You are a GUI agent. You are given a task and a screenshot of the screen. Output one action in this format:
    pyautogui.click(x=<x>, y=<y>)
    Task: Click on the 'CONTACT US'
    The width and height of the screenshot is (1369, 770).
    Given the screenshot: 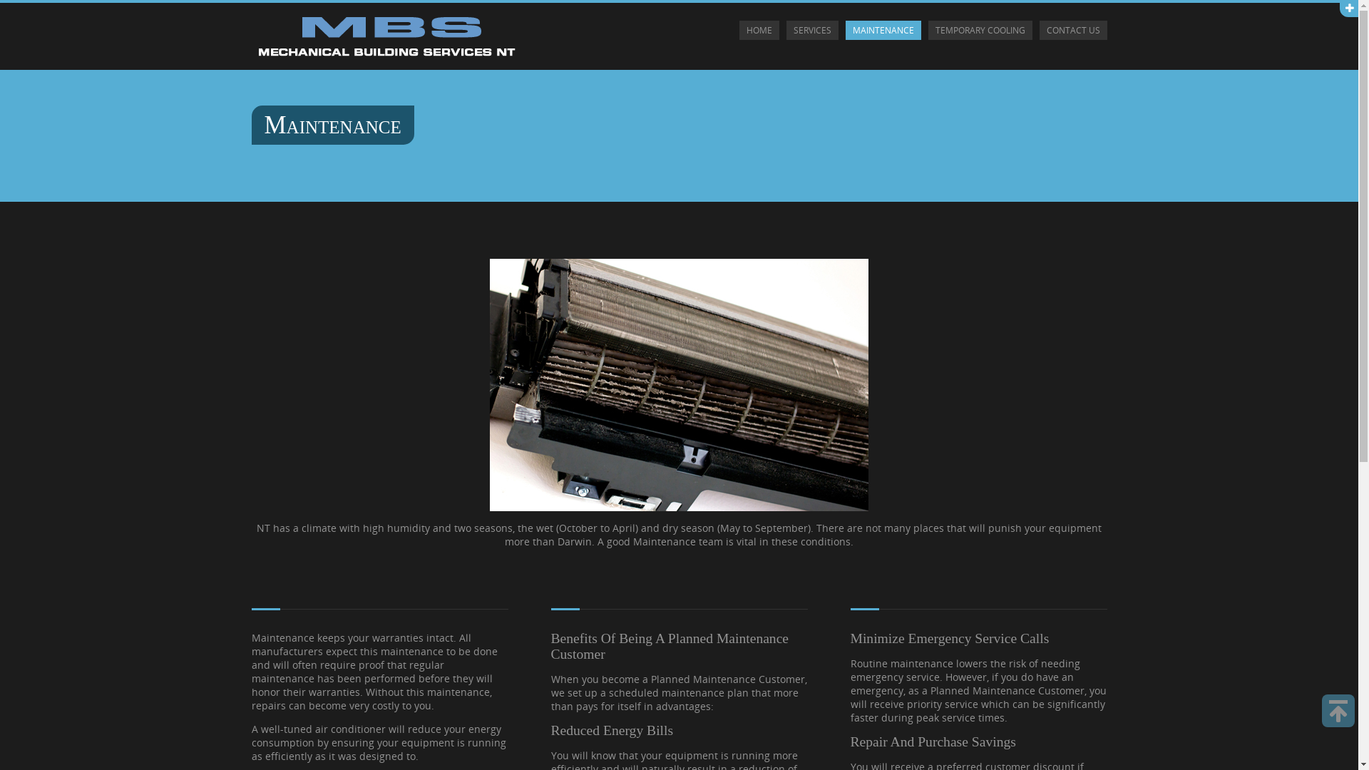 What is the action you would take?
    pyautogui.click(x=1073, y=30)
    